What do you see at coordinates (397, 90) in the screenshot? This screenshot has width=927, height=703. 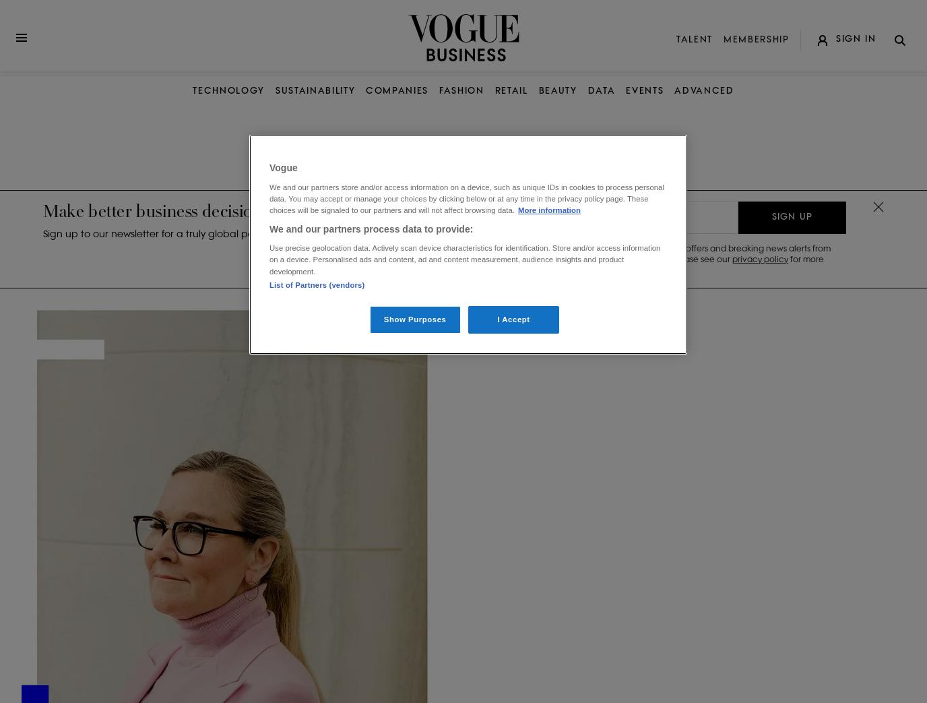 I see `'Companies'` at bounding box center [397, 90].